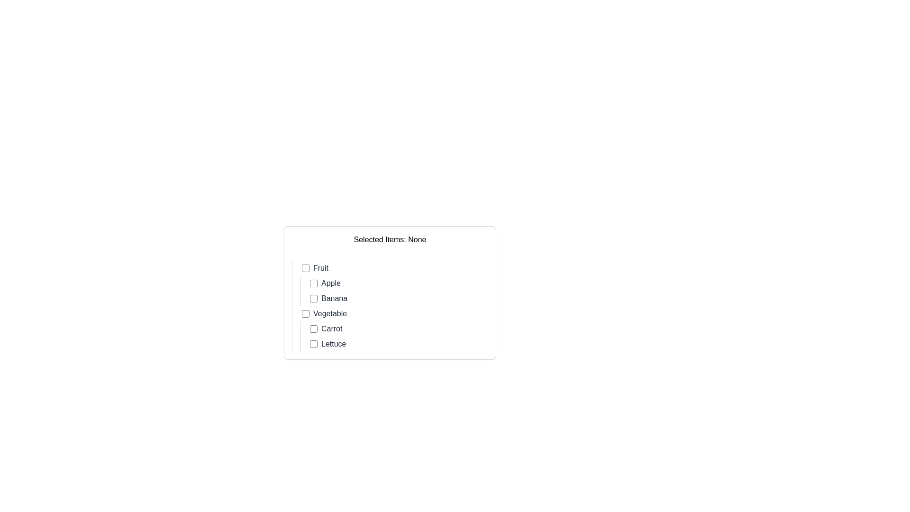 This screenshot has height=512, width=910. Describe the element at coordinates (314, 329) in the screenshot. I see `the checkbox next to the label 'Carrot'` at that location.